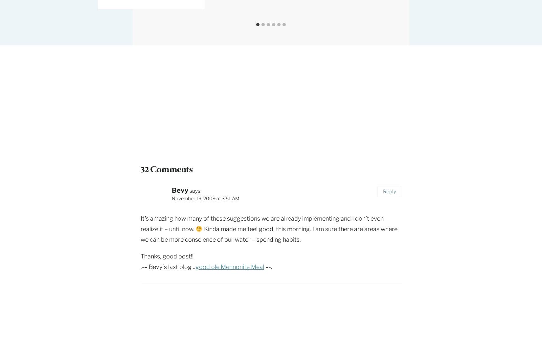  Describe the element at coordinates (140, 234) in the screenshot. I see `'Kinda made me feel good, this morning.  I am sure there are areas where we can be more conscience of our water – spending habits.'` at that location.